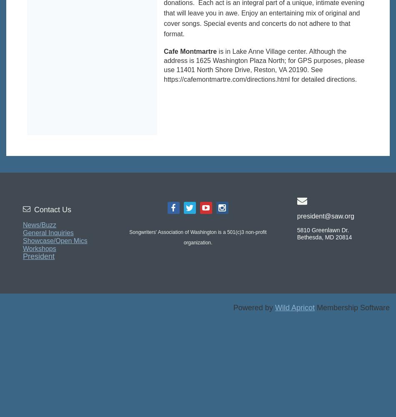 The height and width of the screenshot is (417, 396). Describe the element at coordinates (55, 240) in the screenshot. I see `'Showcase/Open Mics'` at that location.